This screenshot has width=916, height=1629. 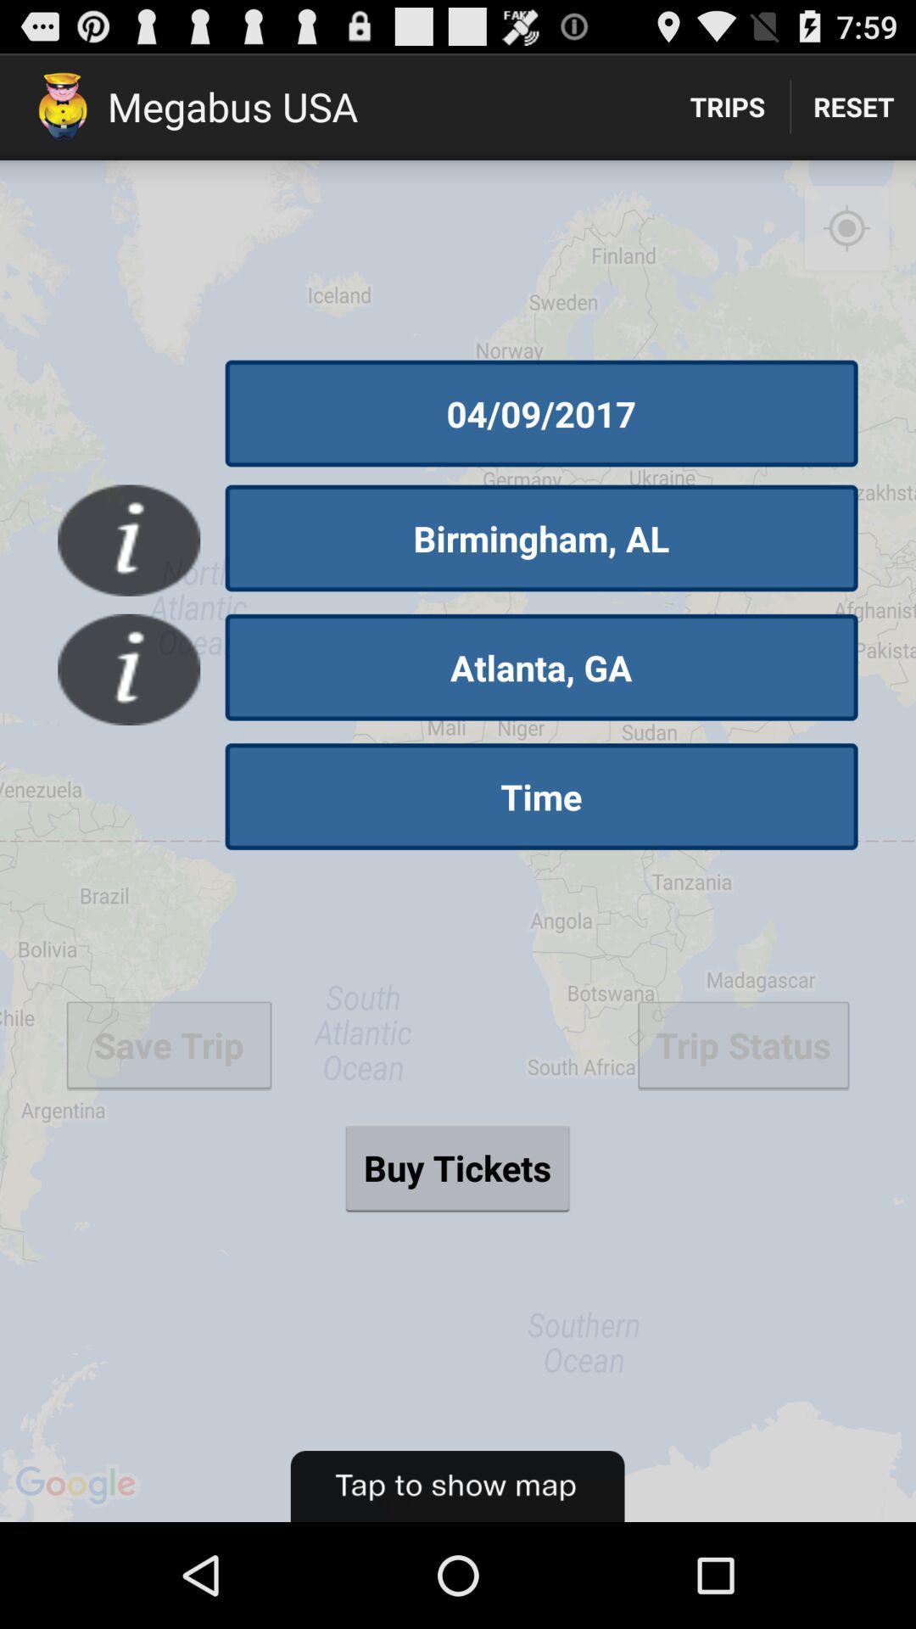 What do you see at coordinates (541, 666) in the screenshot?
I see `icon above time button` at bounding box center [541, 666].